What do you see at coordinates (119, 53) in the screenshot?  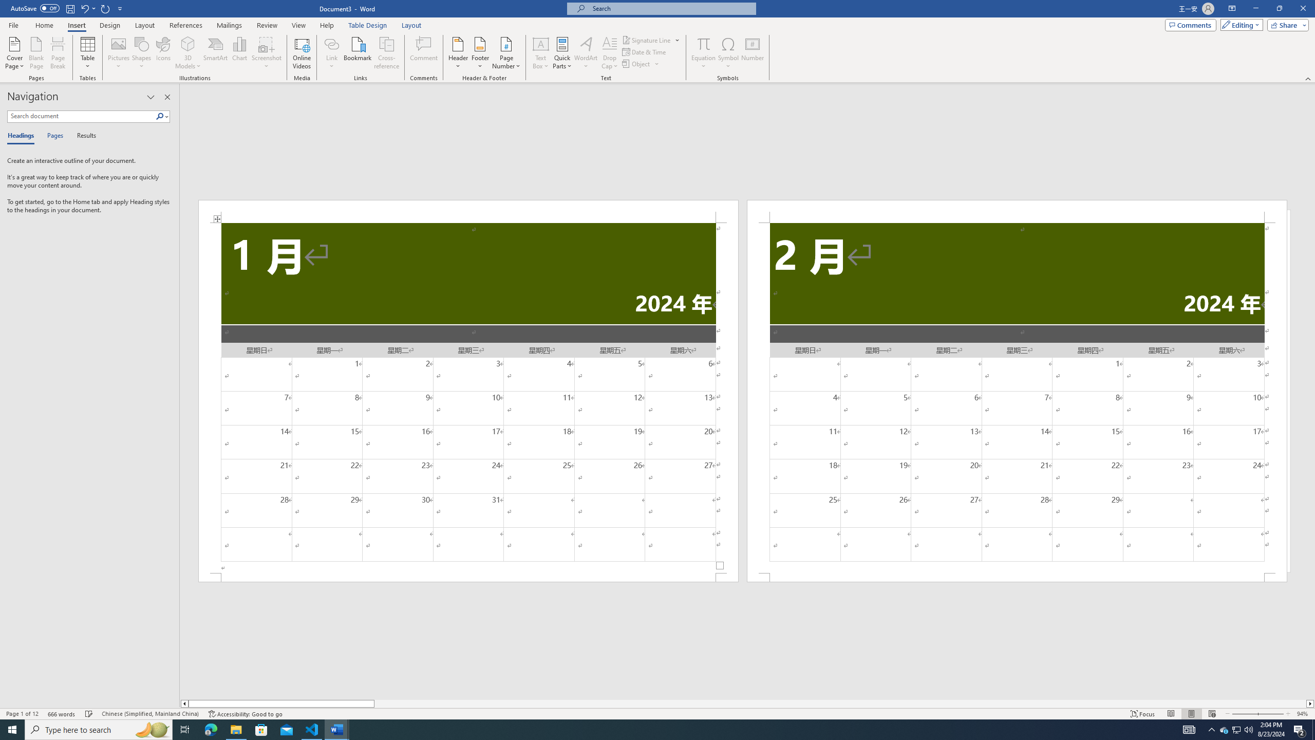 I see `'Pictures'` at bounding box center [119, 53].